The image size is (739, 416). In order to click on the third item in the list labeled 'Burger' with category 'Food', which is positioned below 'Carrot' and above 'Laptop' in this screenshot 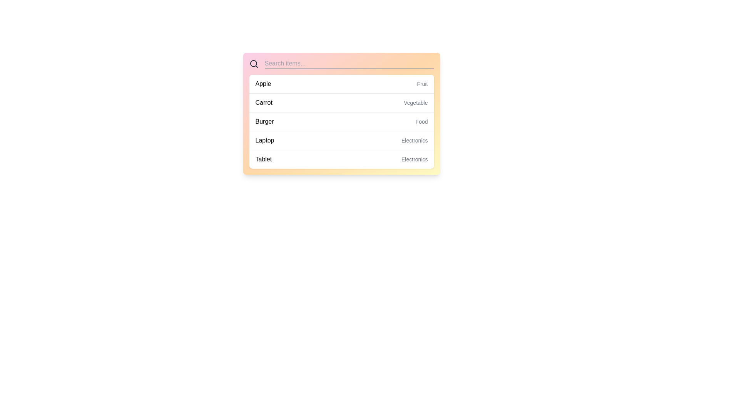, I will do `click(341, 121)`.